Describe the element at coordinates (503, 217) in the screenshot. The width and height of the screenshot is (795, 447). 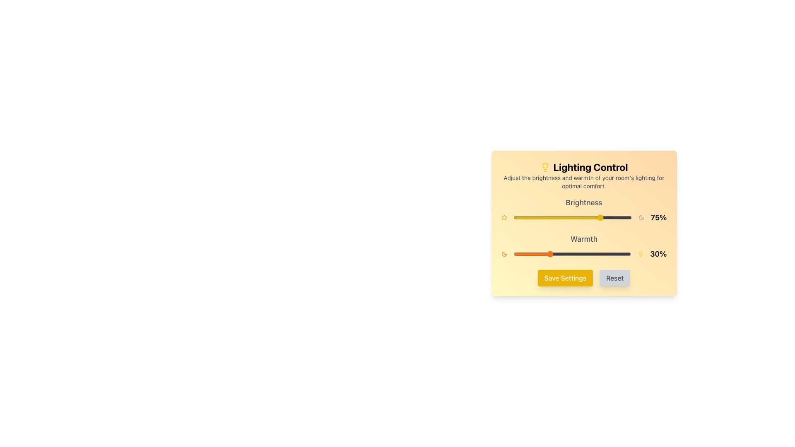
I see `the star icon located near the top right above the slidable control for 'Brightness', adjacent to the percentage indicator of the brightness level` at that location.